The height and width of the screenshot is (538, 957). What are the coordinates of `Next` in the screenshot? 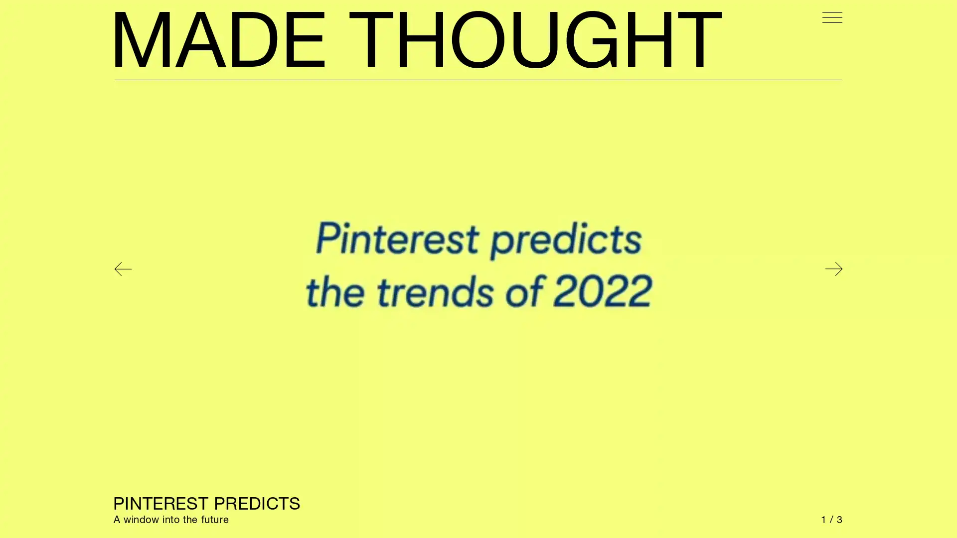 It's located at (833, 269).